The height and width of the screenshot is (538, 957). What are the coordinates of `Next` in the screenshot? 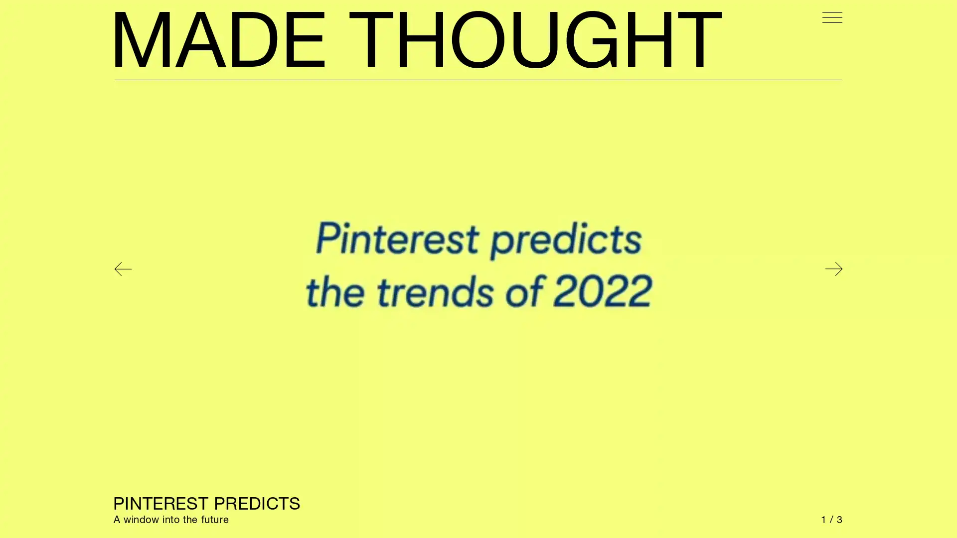 It's located at (833, 269).